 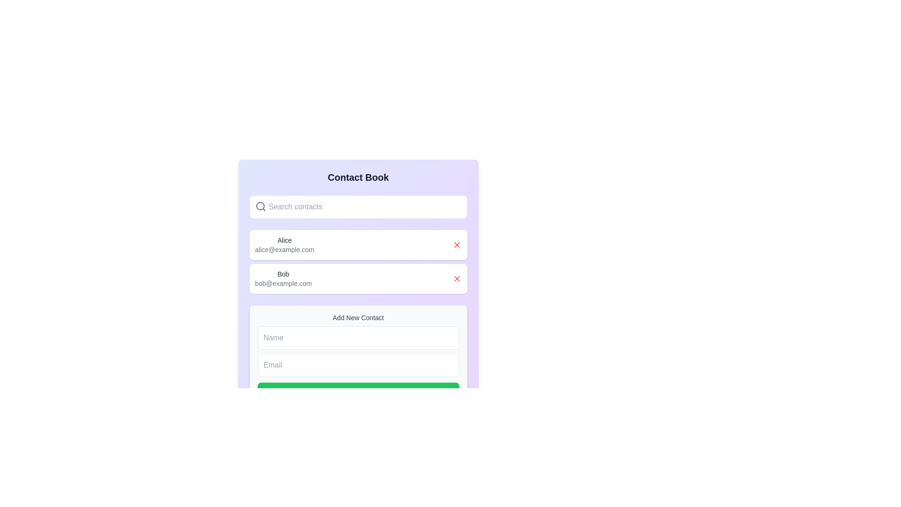 I want to click on the Contact card for 'Alice' which displays her name in bold and email below, located above the card for 'Bob', so click(x=358, y=244).